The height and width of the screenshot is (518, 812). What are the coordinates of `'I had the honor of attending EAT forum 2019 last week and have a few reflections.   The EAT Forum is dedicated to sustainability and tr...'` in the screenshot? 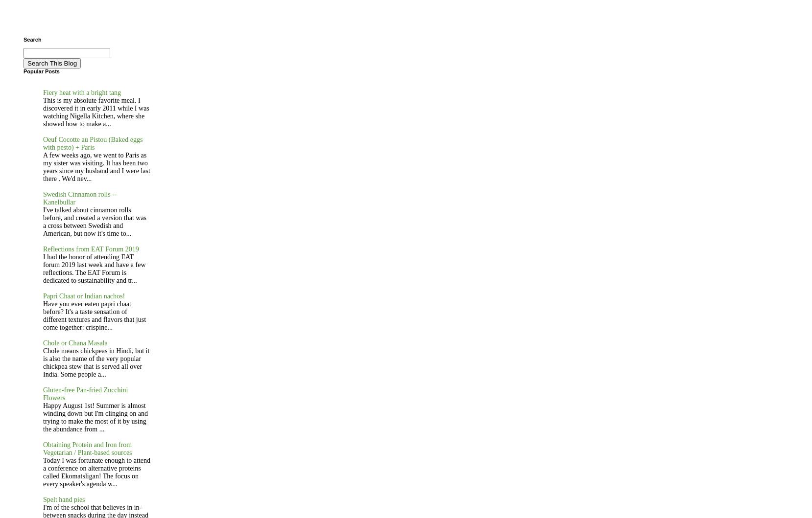 It's located at (94, 268).